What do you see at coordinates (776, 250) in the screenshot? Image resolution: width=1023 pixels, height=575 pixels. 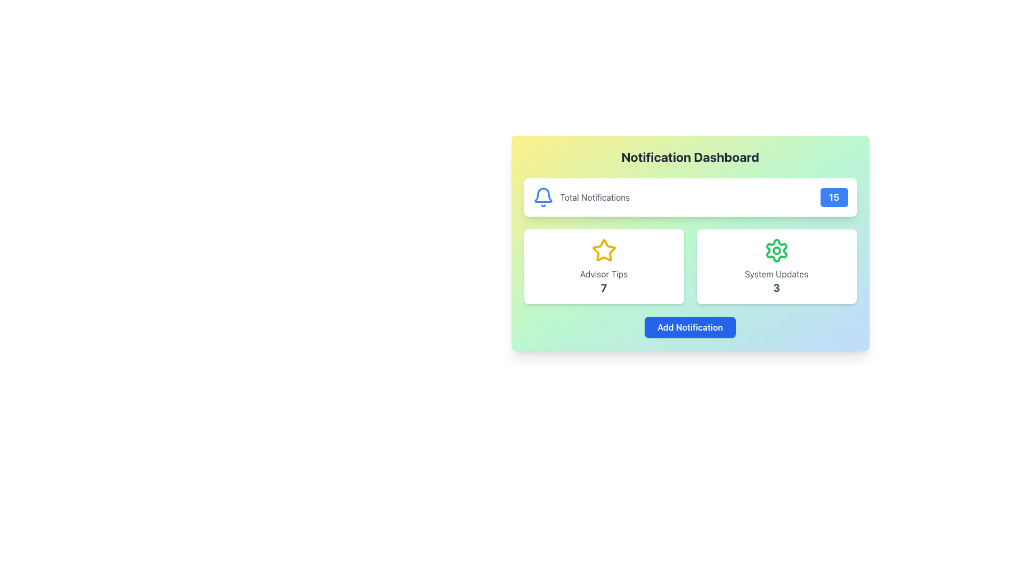 I see `the settings icon located at the bottom right of the dashboard, above the 'System Updates' label and to the right of the number '3'` at bounding box center [776, 250].